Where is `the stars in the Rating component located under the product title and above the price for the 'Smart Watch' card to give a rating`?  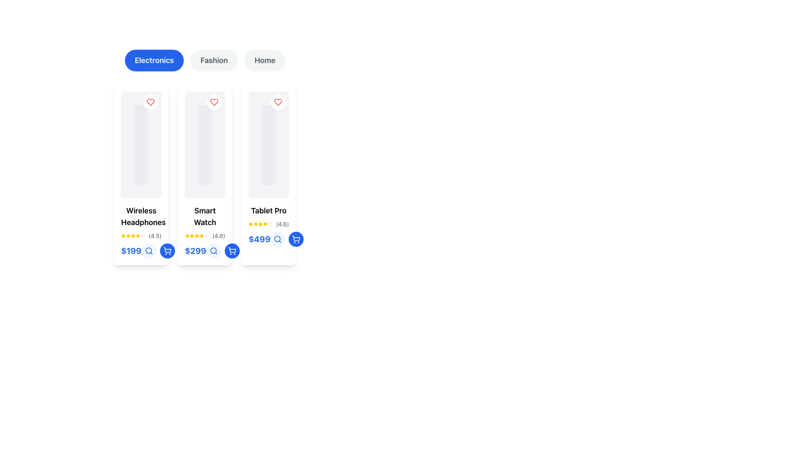
the stars in the Rating component located under the product title and above the price for the 'Smart Watch' card to give a rating is located at coordinates (205, 236).